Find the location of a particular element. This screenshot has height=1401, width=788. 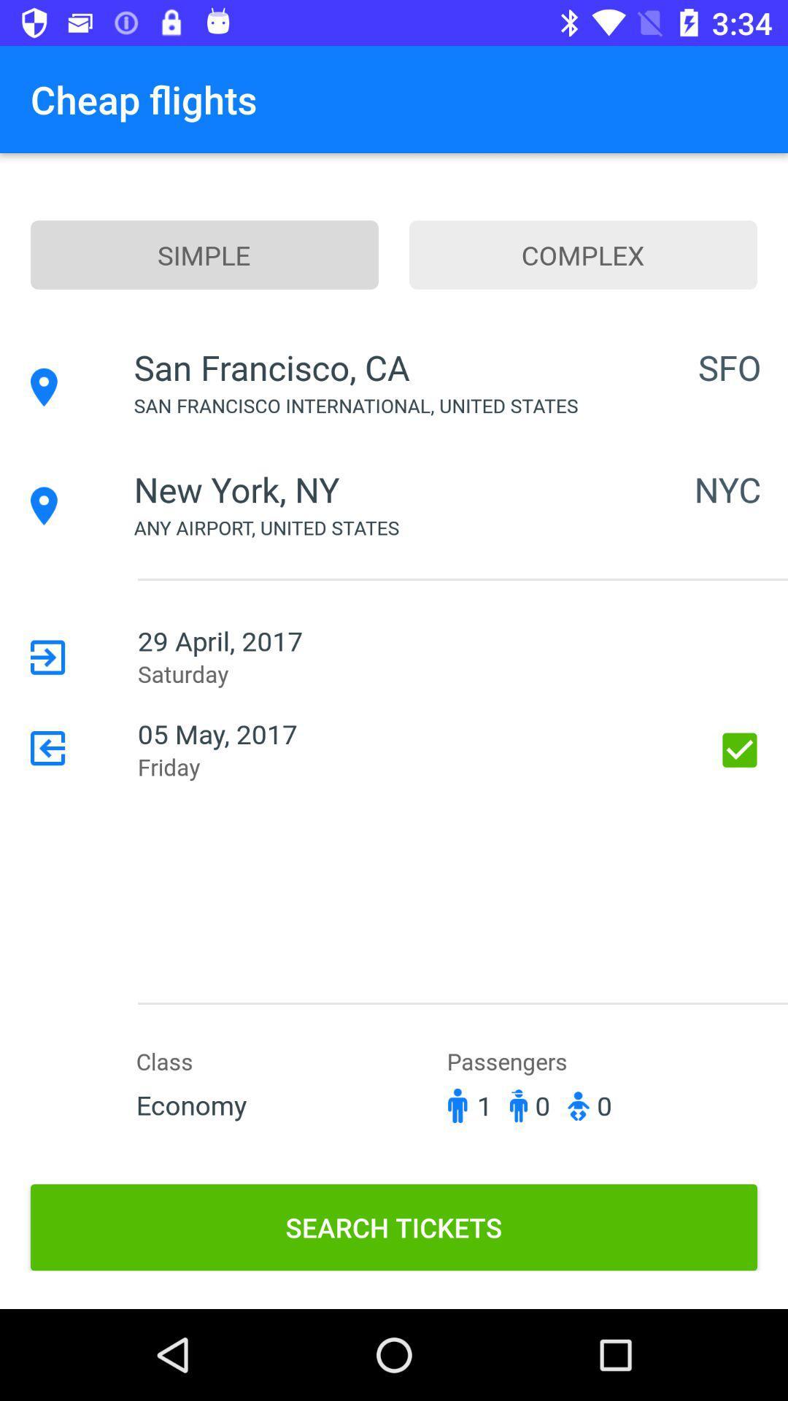

the search tickets item is located at coordinates (394, 1227).